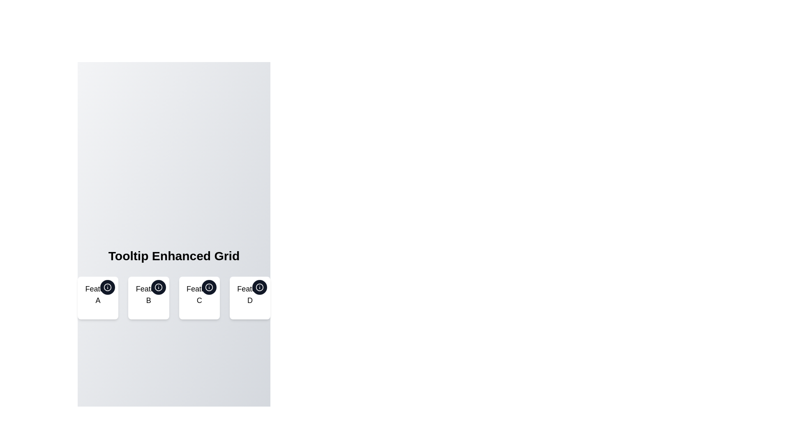  What do you see at coordinates (199, 298) in the screenshot?
I see `the tooltip icon located at the top-right corner of the 'Feature C' card, which is a circular dark-gray button with an 'i' icon, to get more details` at bounding box center [199, 298].